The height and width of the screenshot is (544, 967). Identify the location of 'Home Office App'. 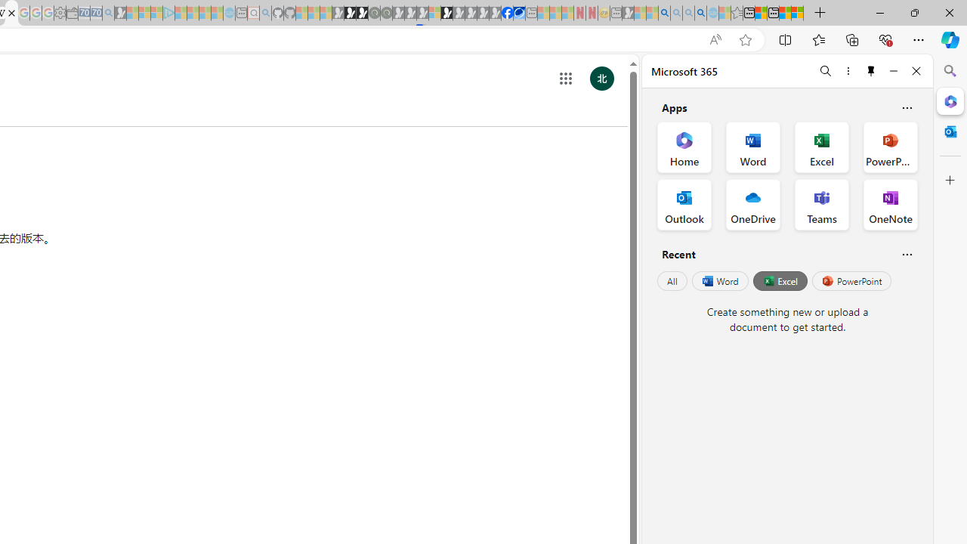
(684, 147).